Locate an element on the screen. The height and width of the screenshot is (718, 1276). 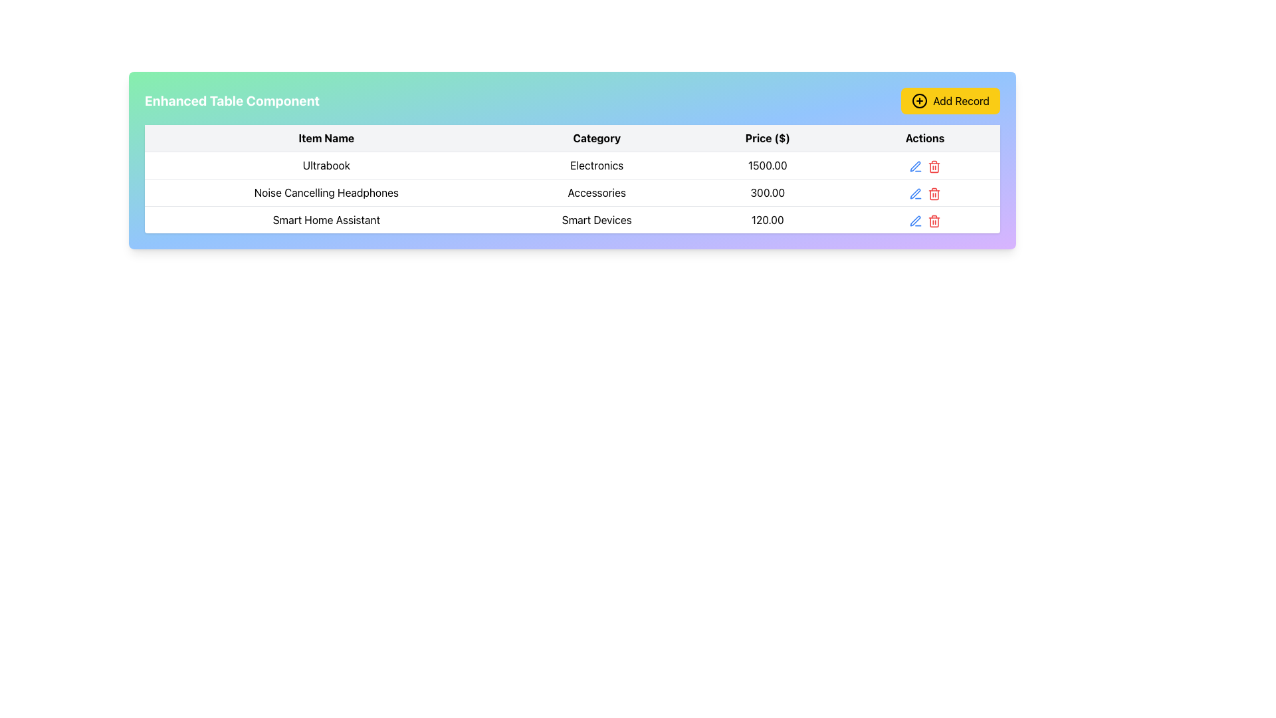
the Text Display element representing the product category in the second column of the first row of the table, located between 'Ultrabook' and '1500.00' is located at coordinates (596, 165).